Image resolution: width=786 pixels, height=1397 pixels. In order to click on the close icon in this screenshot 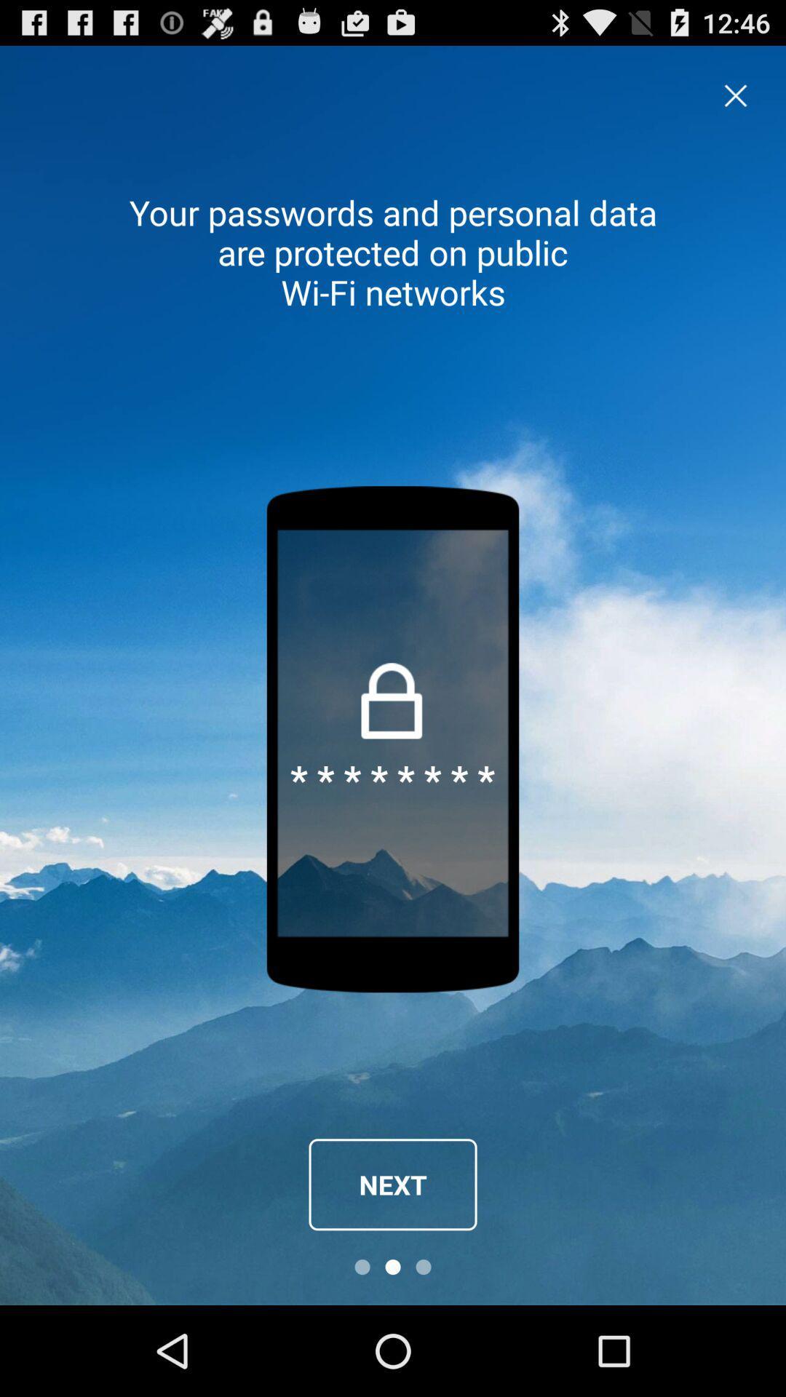, I will do `click(735, 101)`.